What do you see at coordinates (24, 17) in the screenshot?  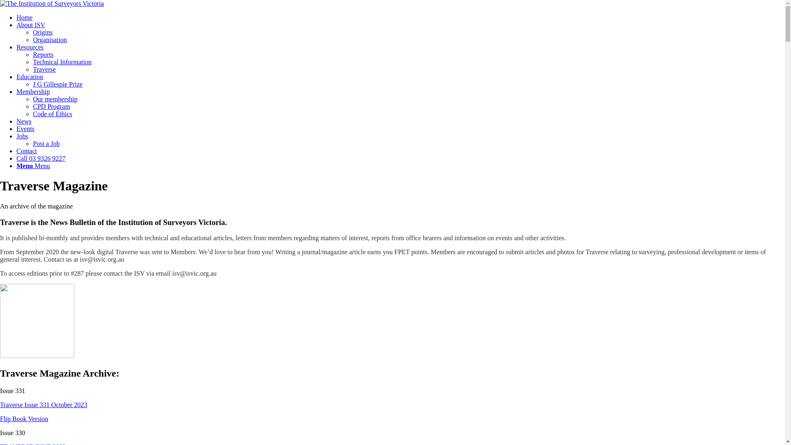 I see `'Home'` at bounding box center [24, 17].